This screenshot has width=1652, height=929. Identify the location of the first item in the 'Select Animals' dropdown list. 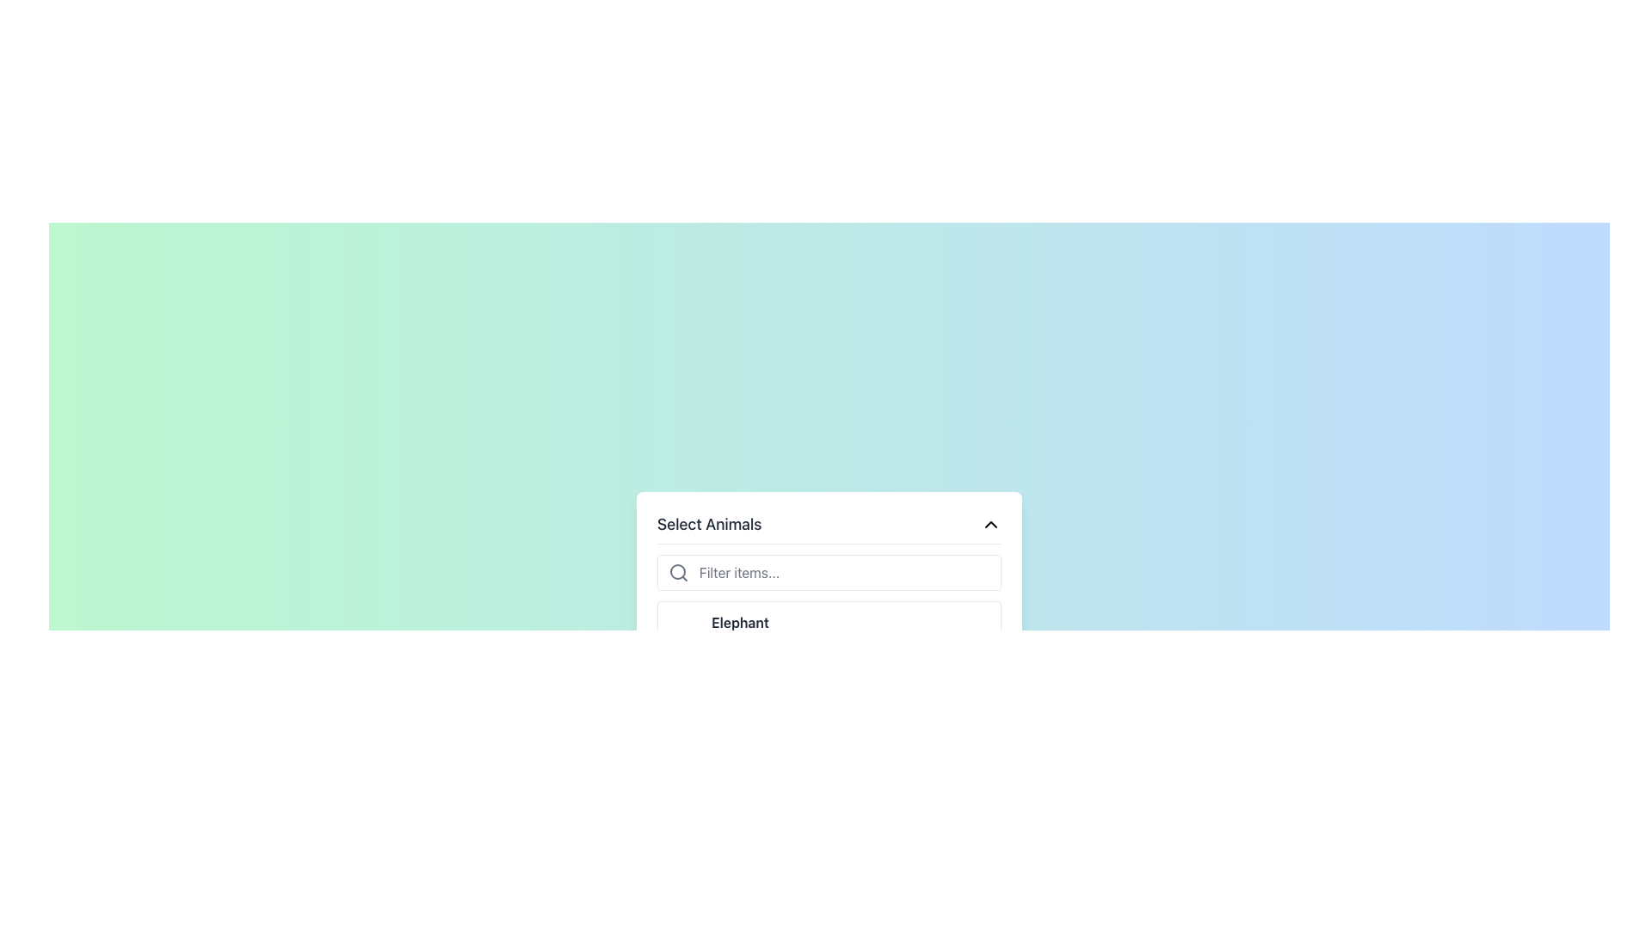
(829, 630).